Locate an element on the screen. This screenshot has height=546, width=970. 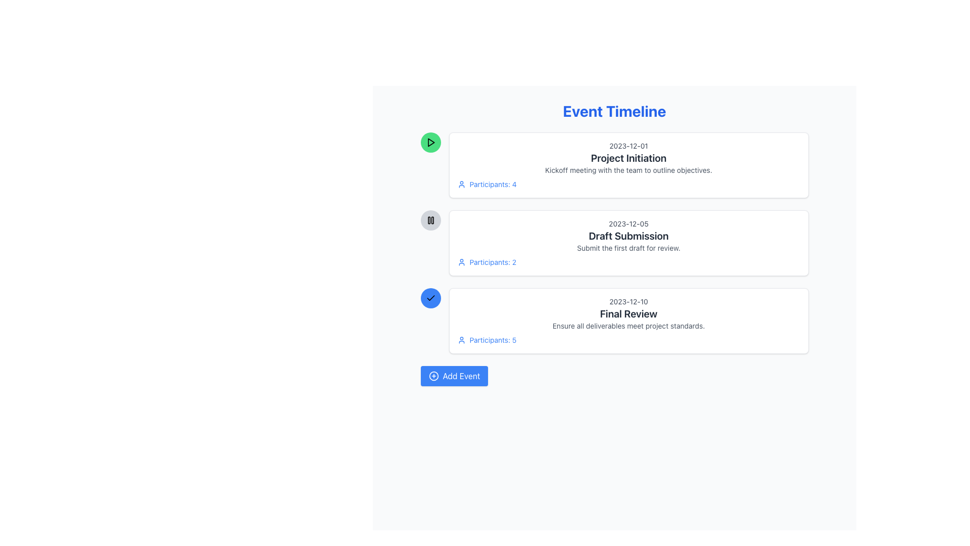
the circular graphical icon representing the 'add' action, located to the left of the button text in the blue 'Add Event' button is located at coordinates (433, 376).